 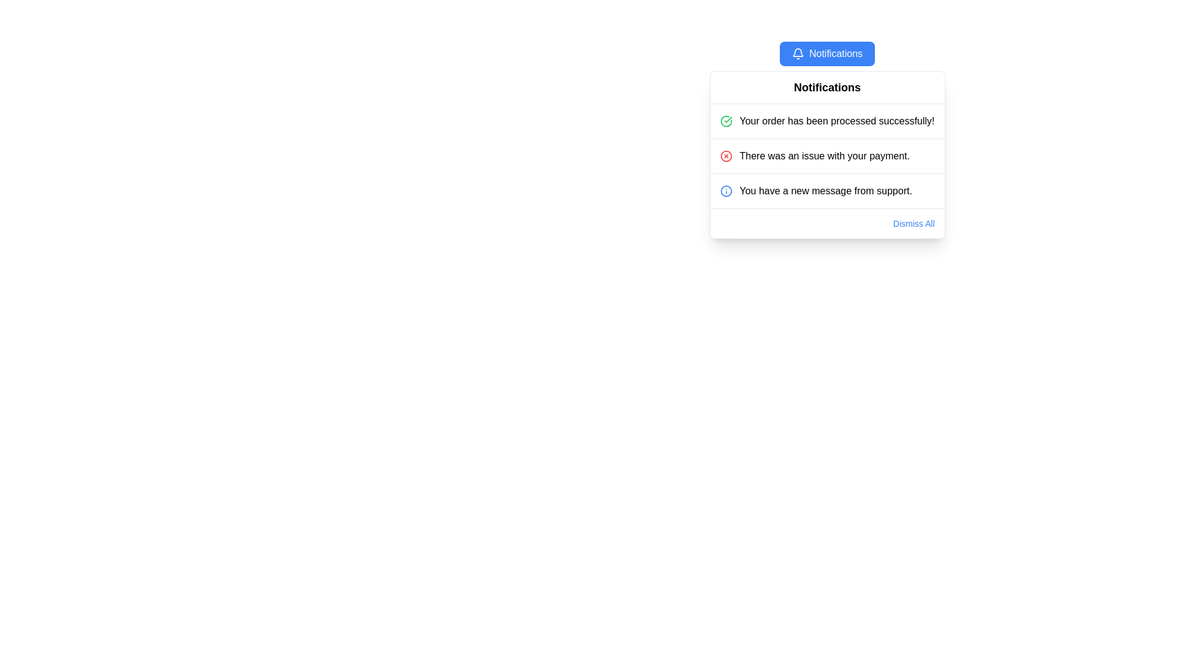 I want to click on the success icon at the start of the notification message indicating 'Your order has been processed successfully!', so click(x=726, y=121).